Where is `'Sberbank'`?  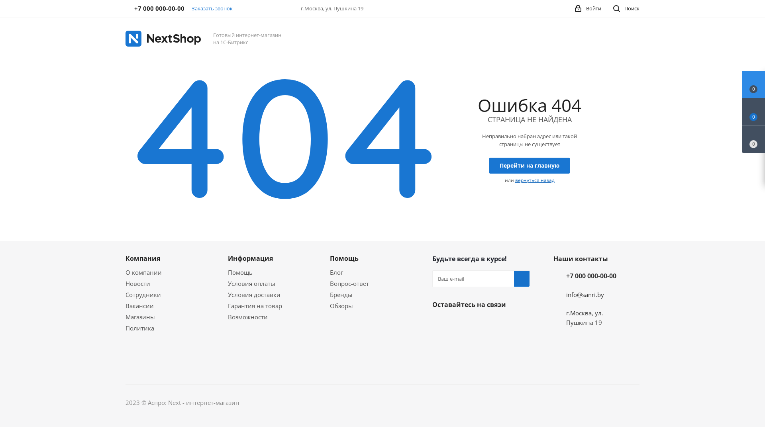 'Sberbank' is located at coordinates (613, 403).